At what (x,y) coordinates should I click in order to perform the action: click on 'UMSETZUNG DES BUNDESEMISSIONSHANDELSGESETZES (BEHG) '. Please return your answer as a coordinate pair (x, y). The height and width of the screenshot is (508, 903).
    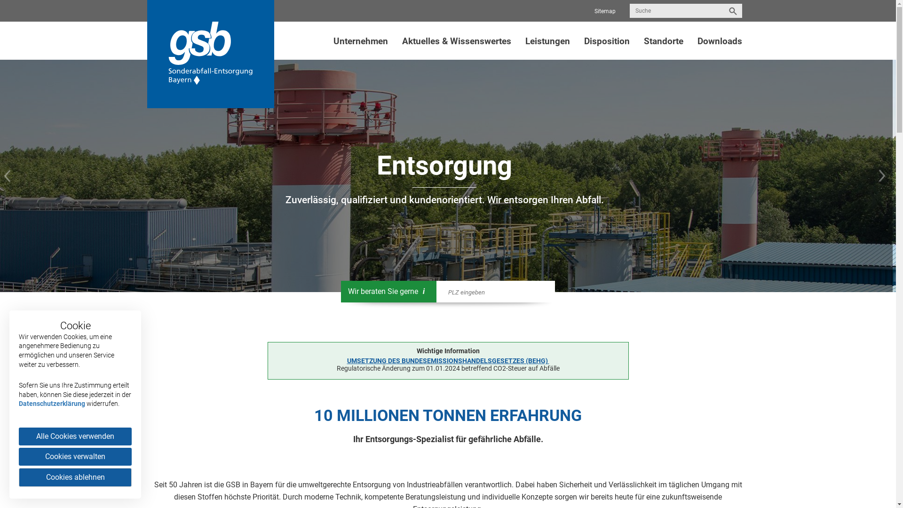
    Looking at the image, I should click on (448, 360).